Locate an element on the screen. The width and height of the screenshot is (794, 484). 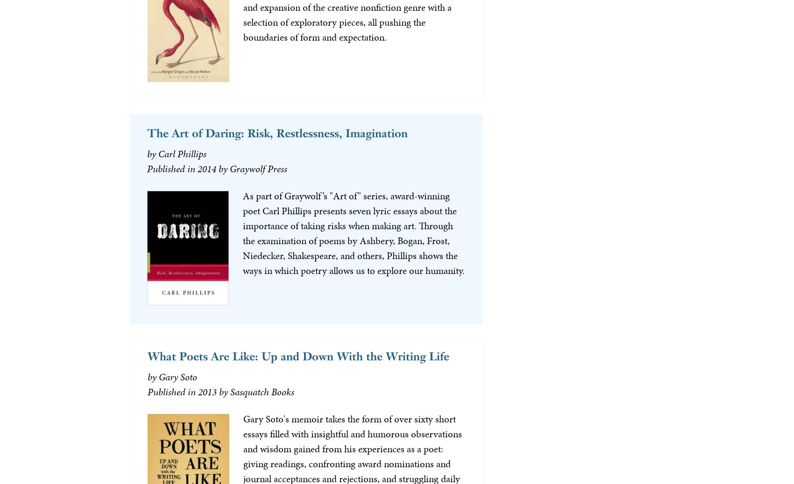
'Carl Phillips' is located at coordinates (181, 153).